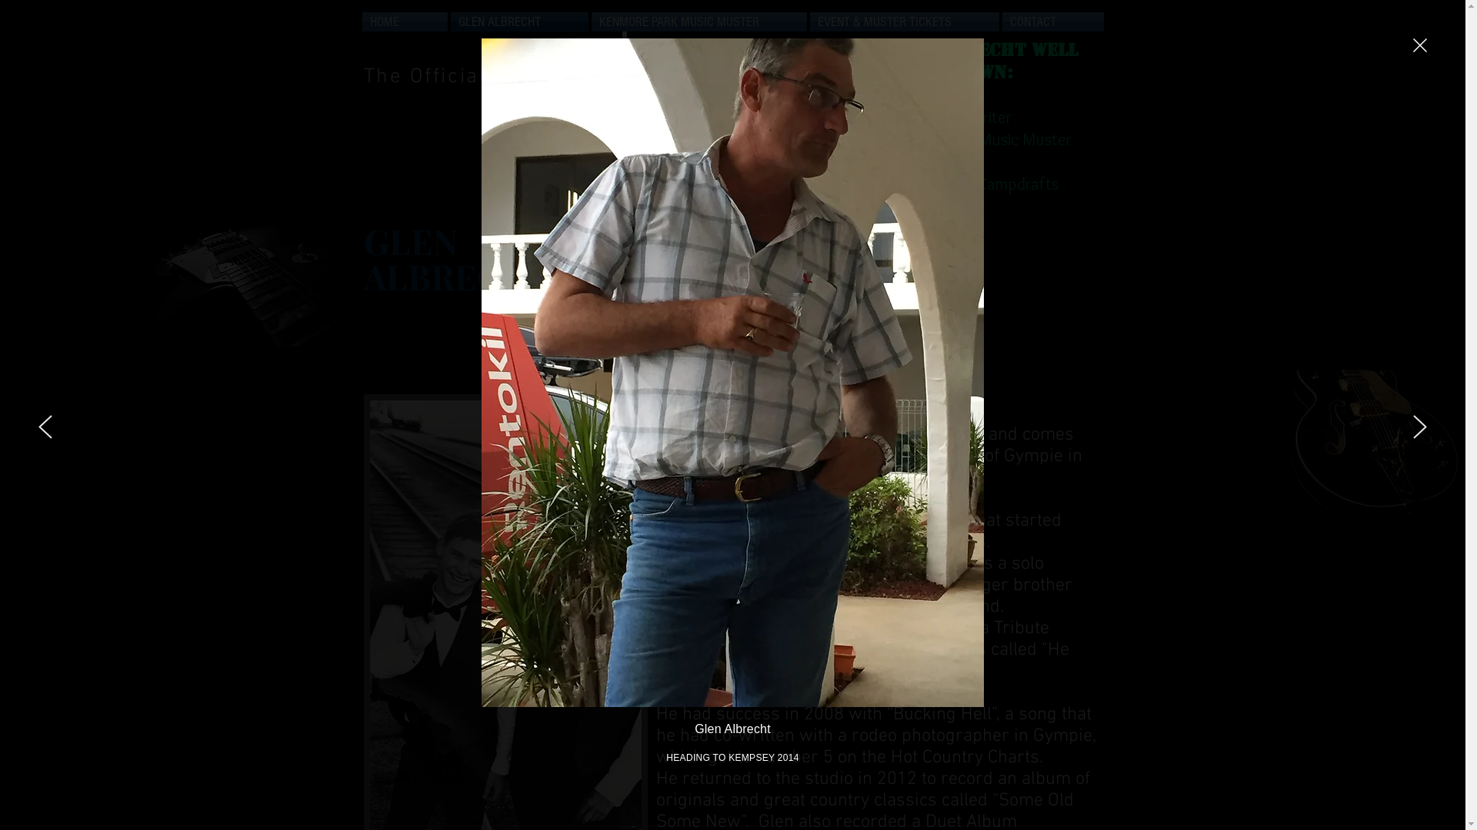 The height and width of the screenshot is (830, 1477). Describe the element at coordinates (1051, 22) in the screenshot. I see `'CONTACT'` at that location.